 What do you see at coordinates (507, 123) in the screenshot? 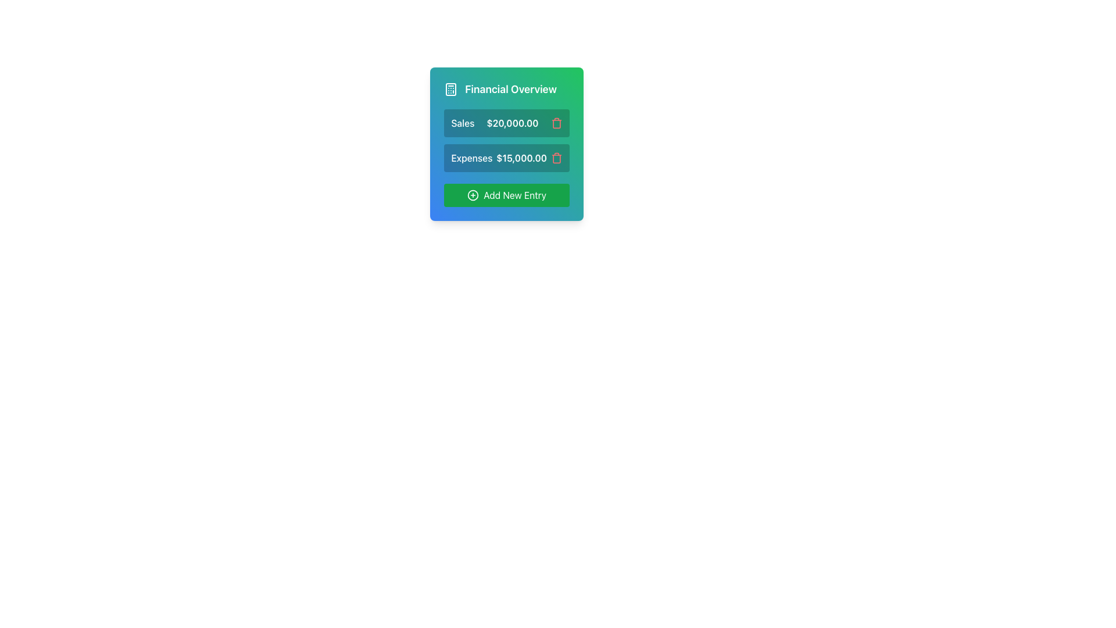
I see `the trash can icon associated with the 'Sales' financial entry` at bounding box center [507, 123].